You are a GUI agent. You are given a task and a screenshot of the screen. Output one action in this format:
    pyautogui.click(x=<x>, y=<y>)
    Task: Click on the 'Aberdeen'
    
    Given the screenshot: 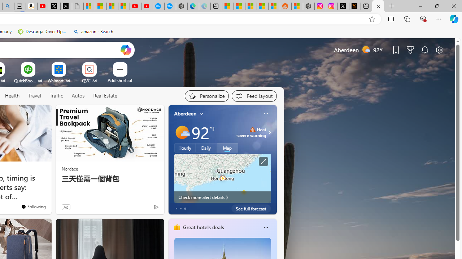 What is the action you would take?
    pyautogui.click(x=185, y=113)
    